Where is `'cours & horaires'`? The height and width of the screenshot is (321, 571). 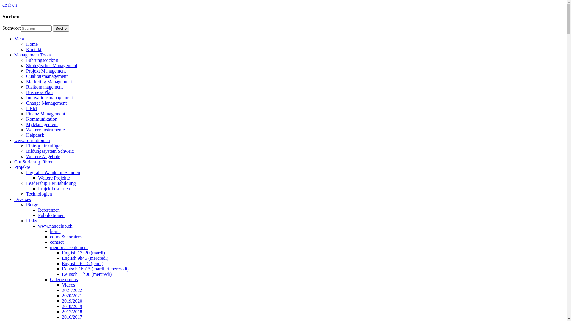
'cours & horaires' is located at coordinates (50, 236).